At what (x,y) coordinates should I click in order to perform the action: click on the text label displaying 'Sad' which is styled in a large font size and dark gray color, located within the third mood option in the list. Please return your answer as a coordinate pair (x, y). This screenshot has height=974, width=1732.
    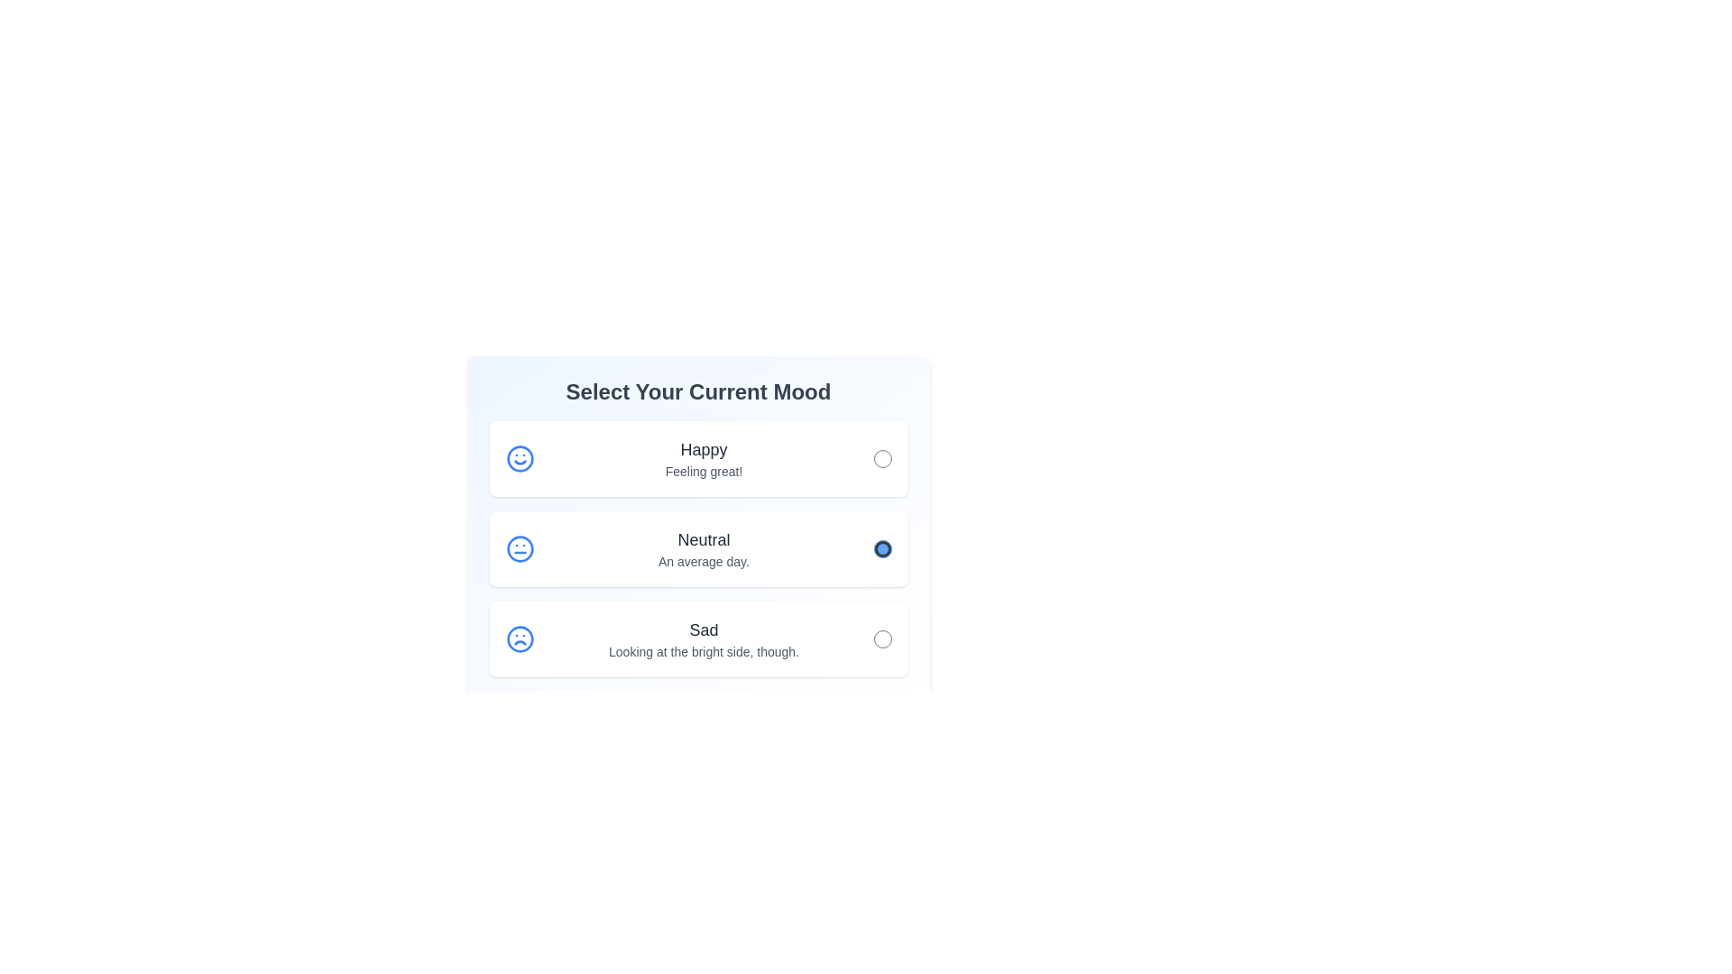
    Looking at the image, I should click on (703, 629).